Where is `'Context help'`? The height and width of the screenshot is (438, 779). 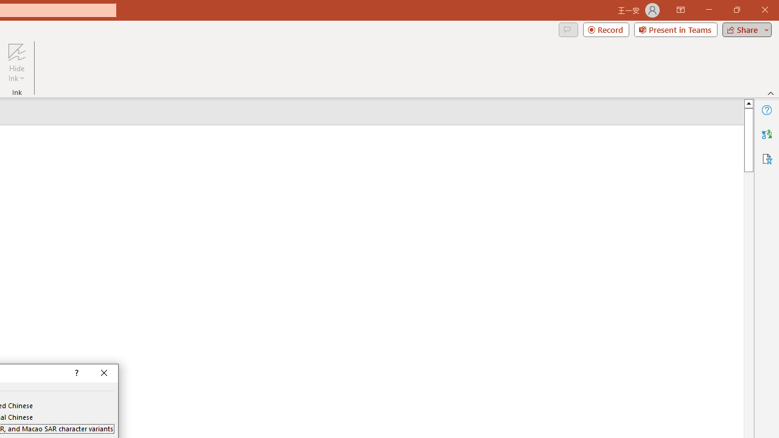 'Context help' is located at coordinates (75, 373).